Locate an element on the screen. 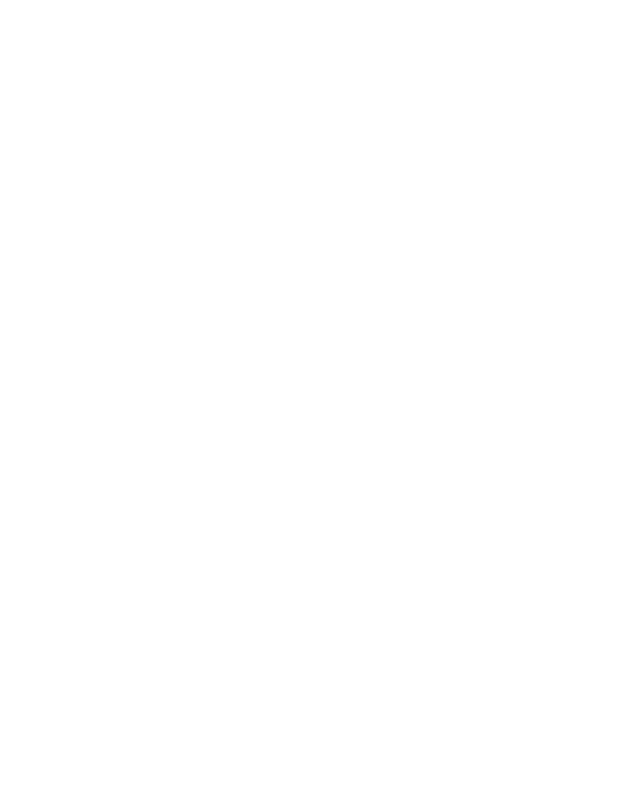 This screenshot has width=636, height=794. 'We built the new Sennheiser Lego microphone kit so you don’t have to…but you’ll want to.' is located at coordinates (281, 679).